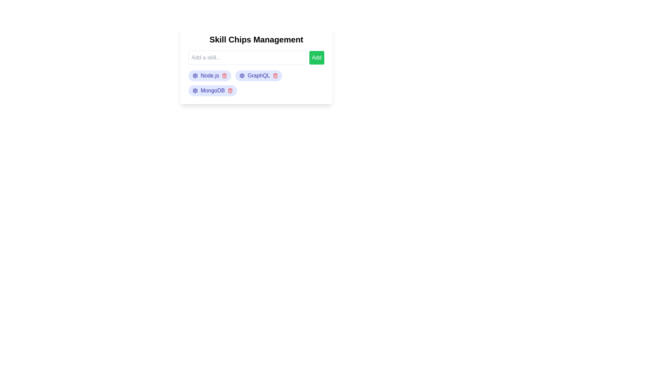  I want to click on the skill chip named MongoDB by clicking its trash icon, so click(230, 90).